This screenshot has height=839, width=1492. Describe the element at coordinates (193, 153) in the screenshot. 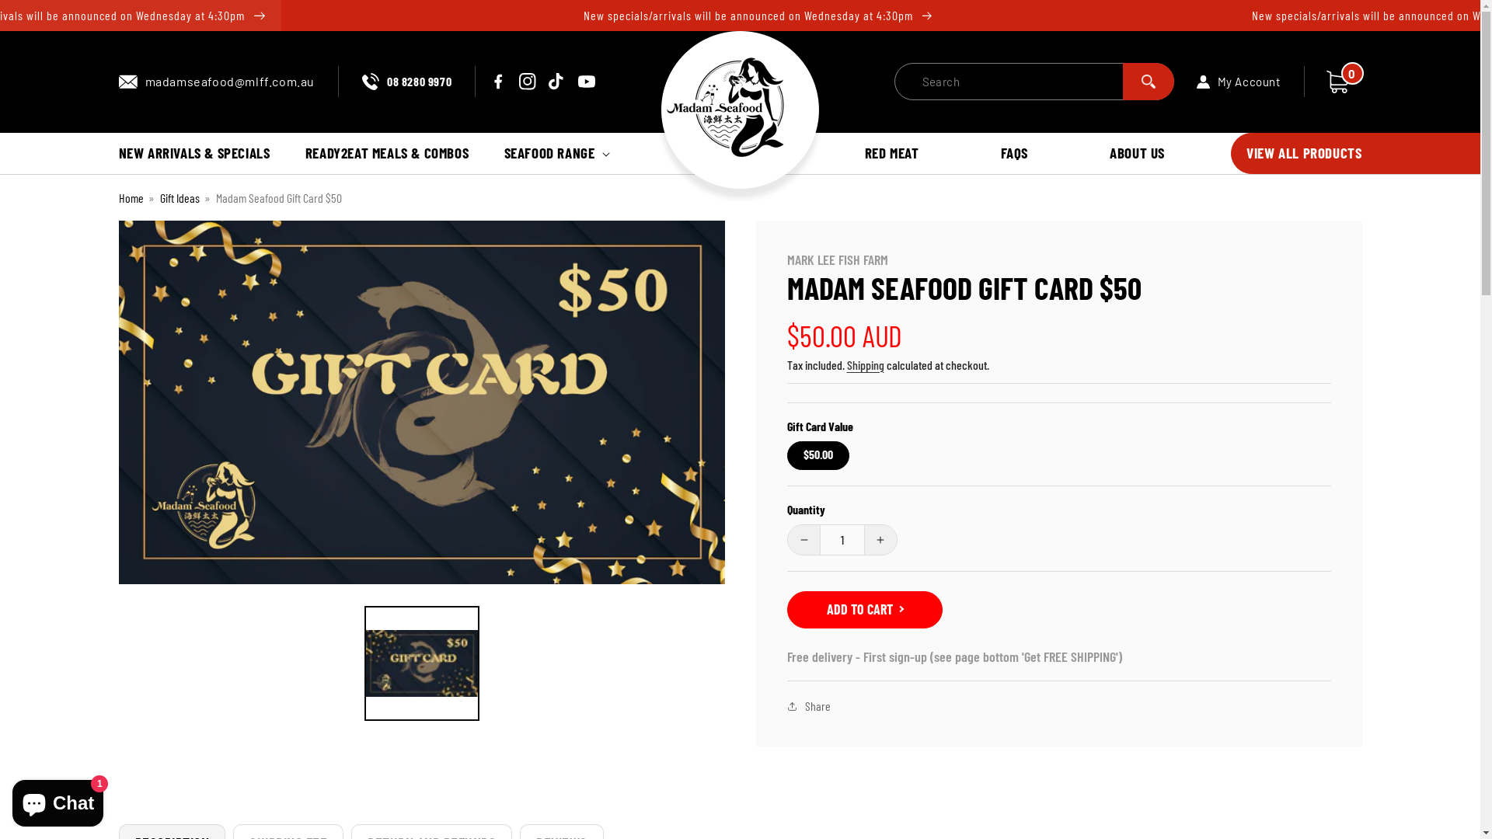

I see `'NEW ARRIVALS & SPECIALS'` at that location.